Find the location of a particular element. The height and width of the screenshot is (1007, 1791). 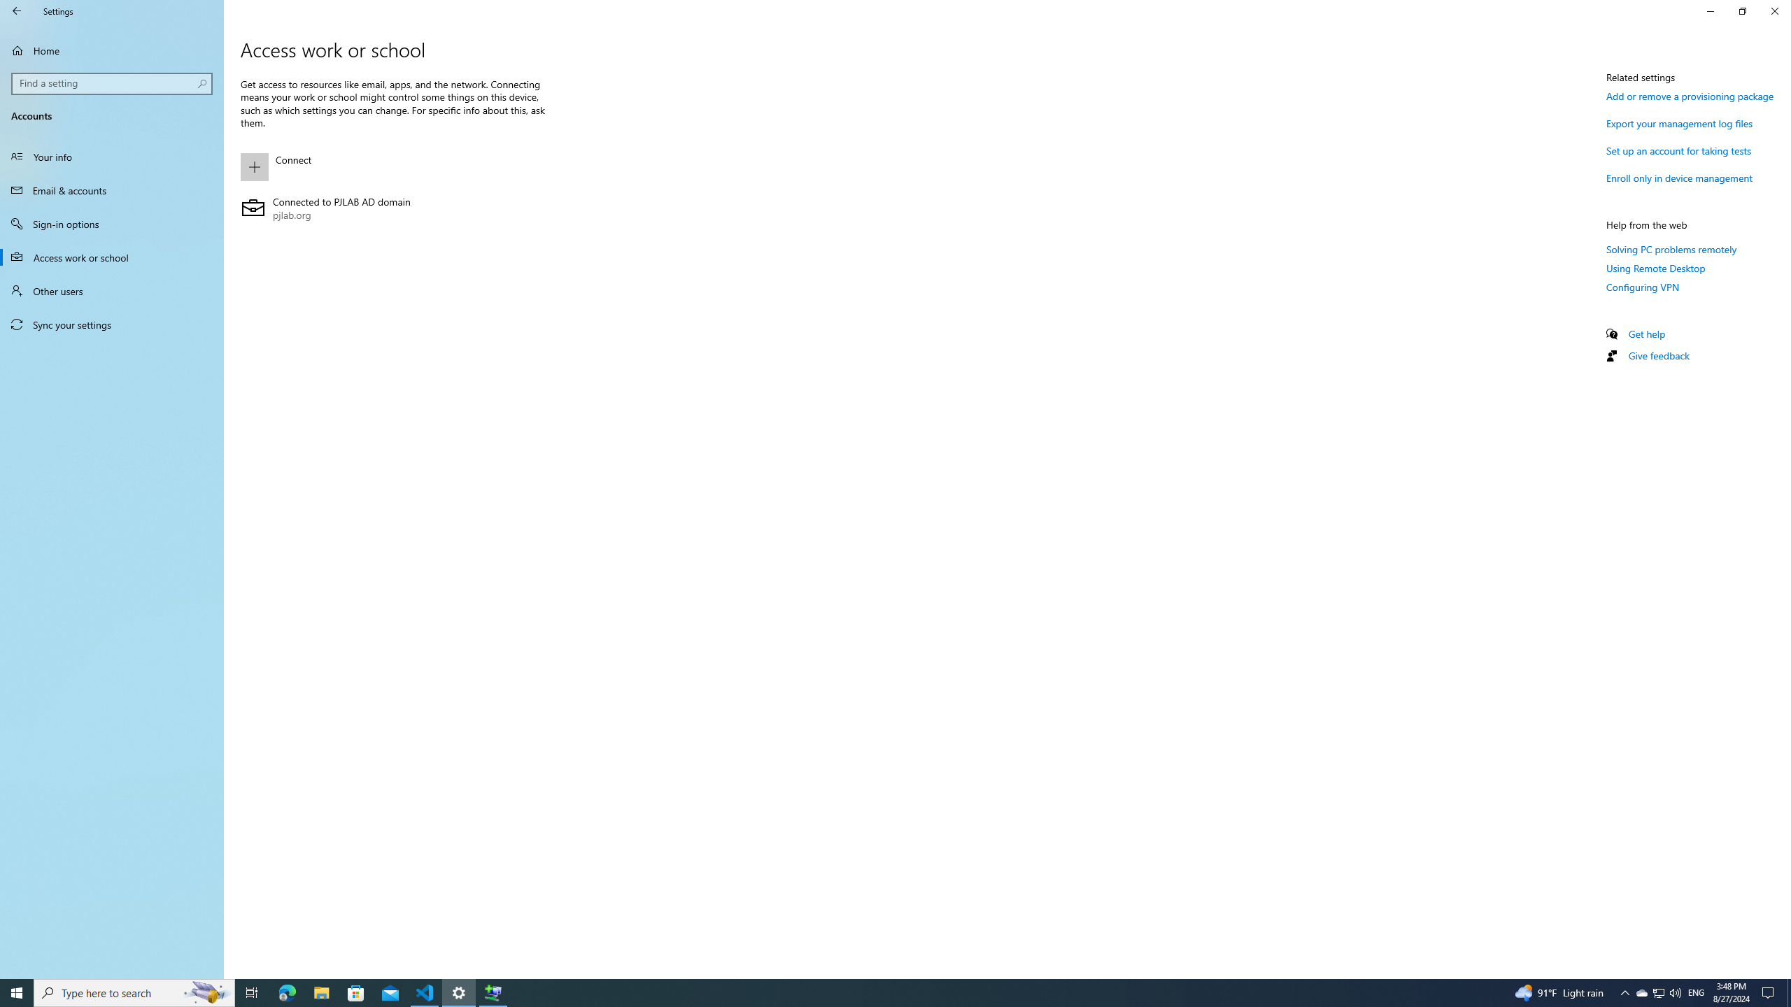

'Export your management log files' is located at coordinates (1680, 123).